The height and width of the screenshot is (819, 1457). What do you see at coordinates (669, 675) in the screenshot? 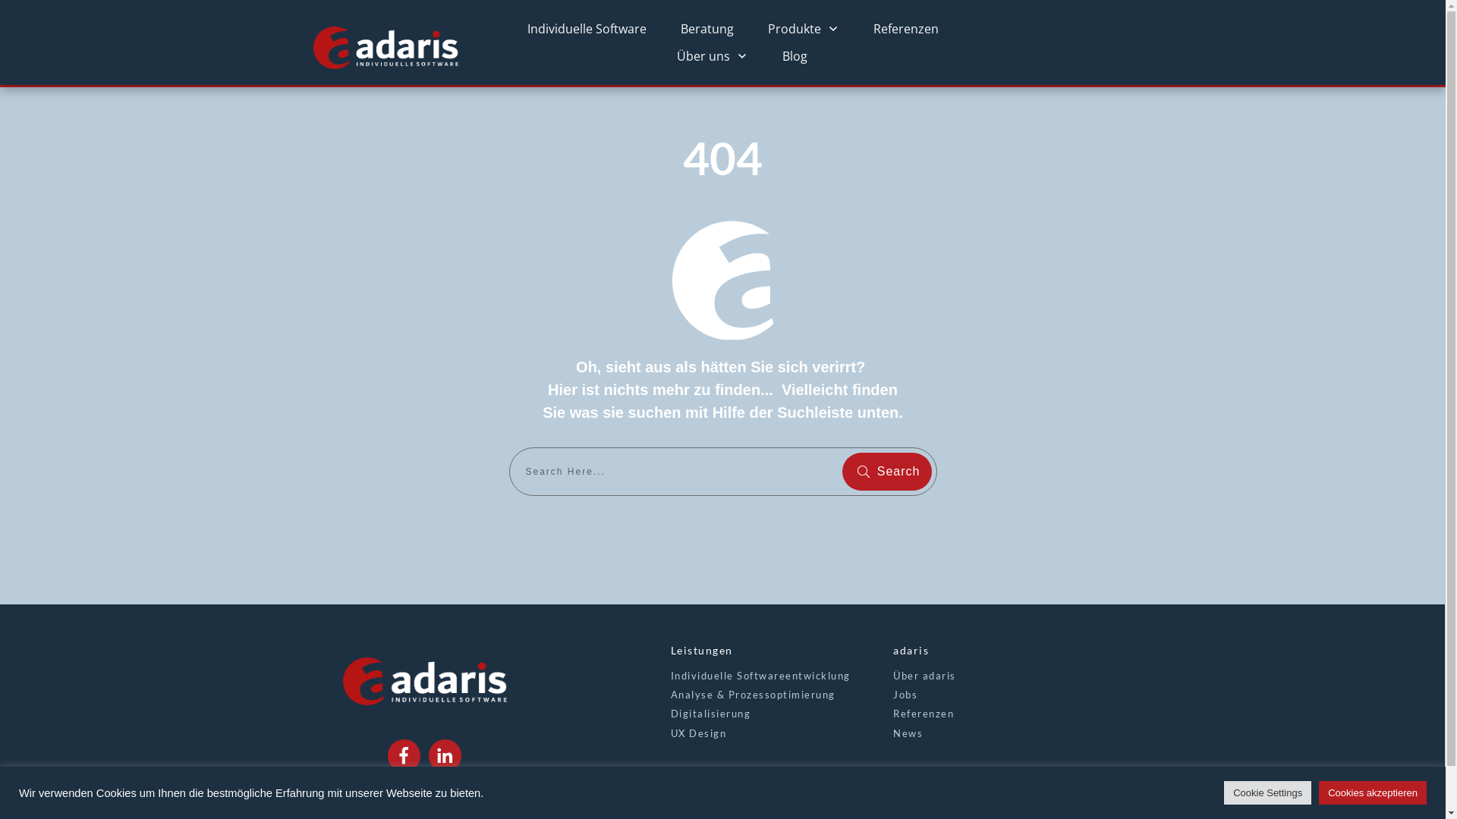
I see `'Individuelle Softwareentwicklung'` at bounding box center [669, 675].